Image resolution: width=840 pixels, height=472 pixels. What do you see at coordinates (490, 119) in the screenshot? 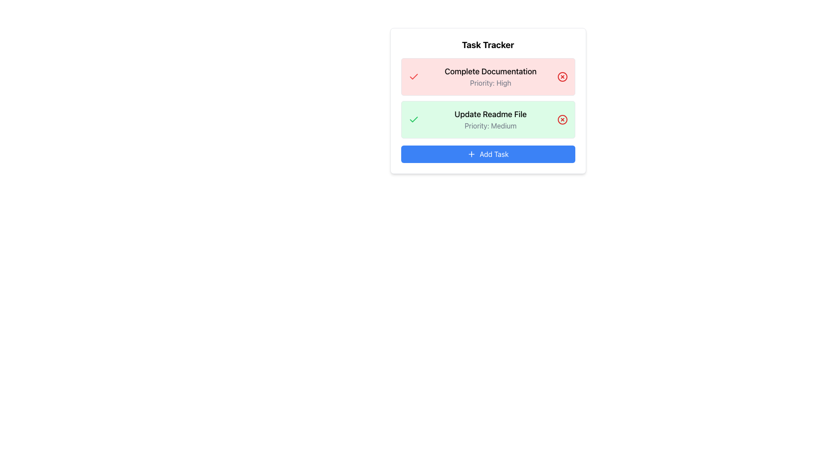
I see `the Task item displaying 'Update Readme File' with 'Priority: Medium' underneath, located in the middle of the task list` at bounding box center [490, 119].